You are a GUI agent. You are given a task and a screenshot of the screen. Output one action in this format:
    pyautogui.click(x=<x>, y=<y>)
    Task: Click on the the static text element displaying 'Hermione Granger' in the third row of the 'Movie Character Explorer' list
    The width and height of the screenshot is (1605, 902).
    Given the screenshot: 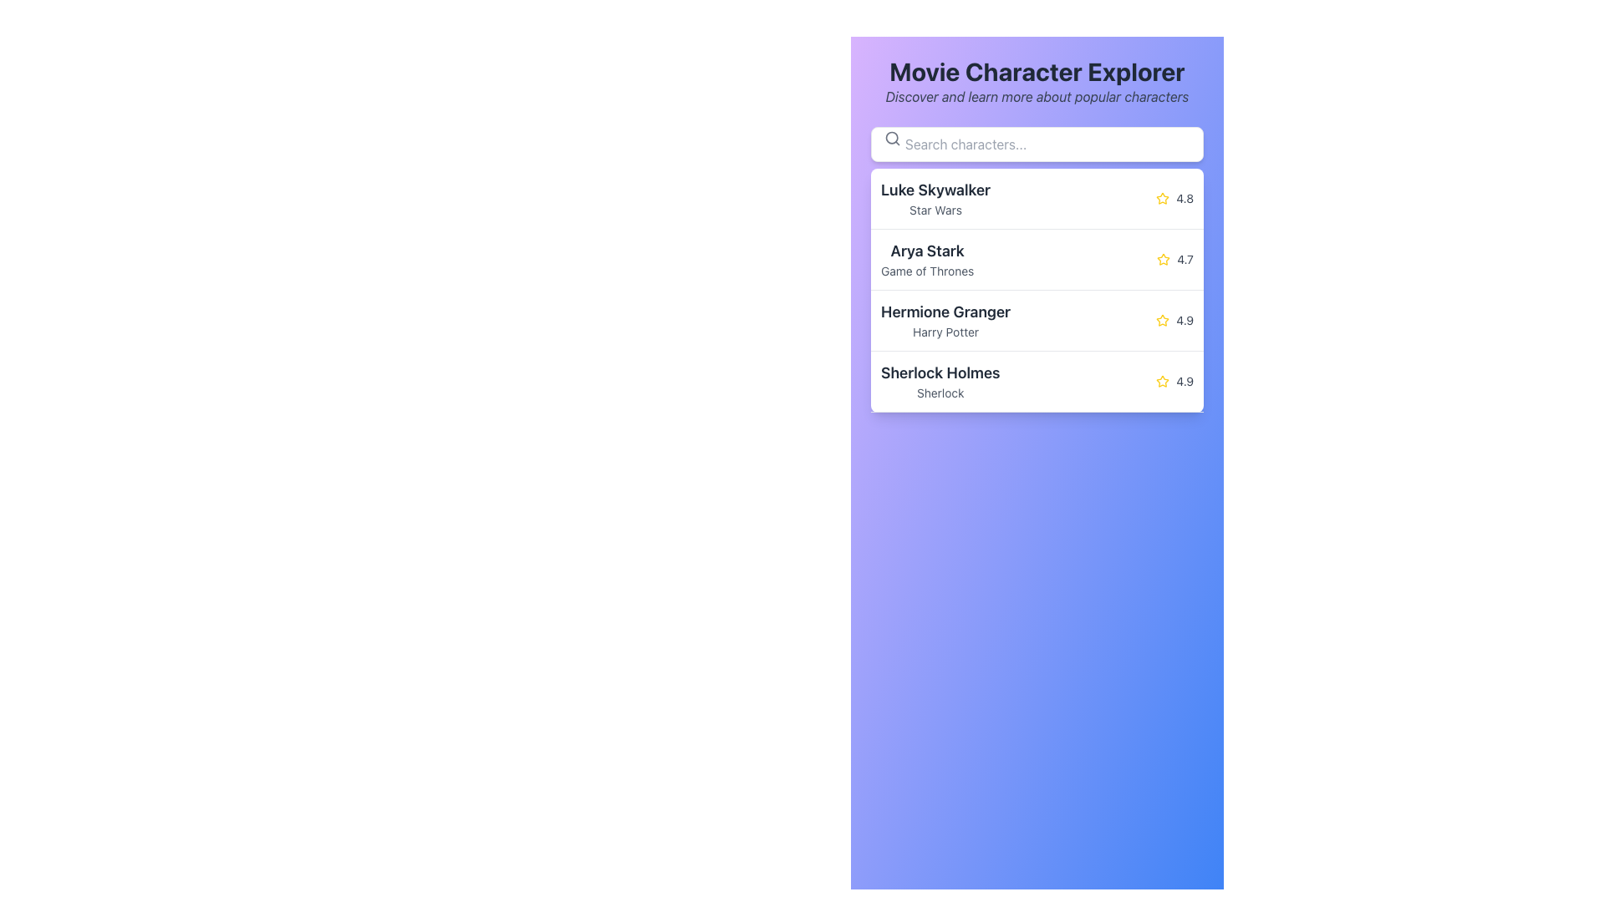 What is the action you would take?
    pyautogui.click(x=945, y=321)
    